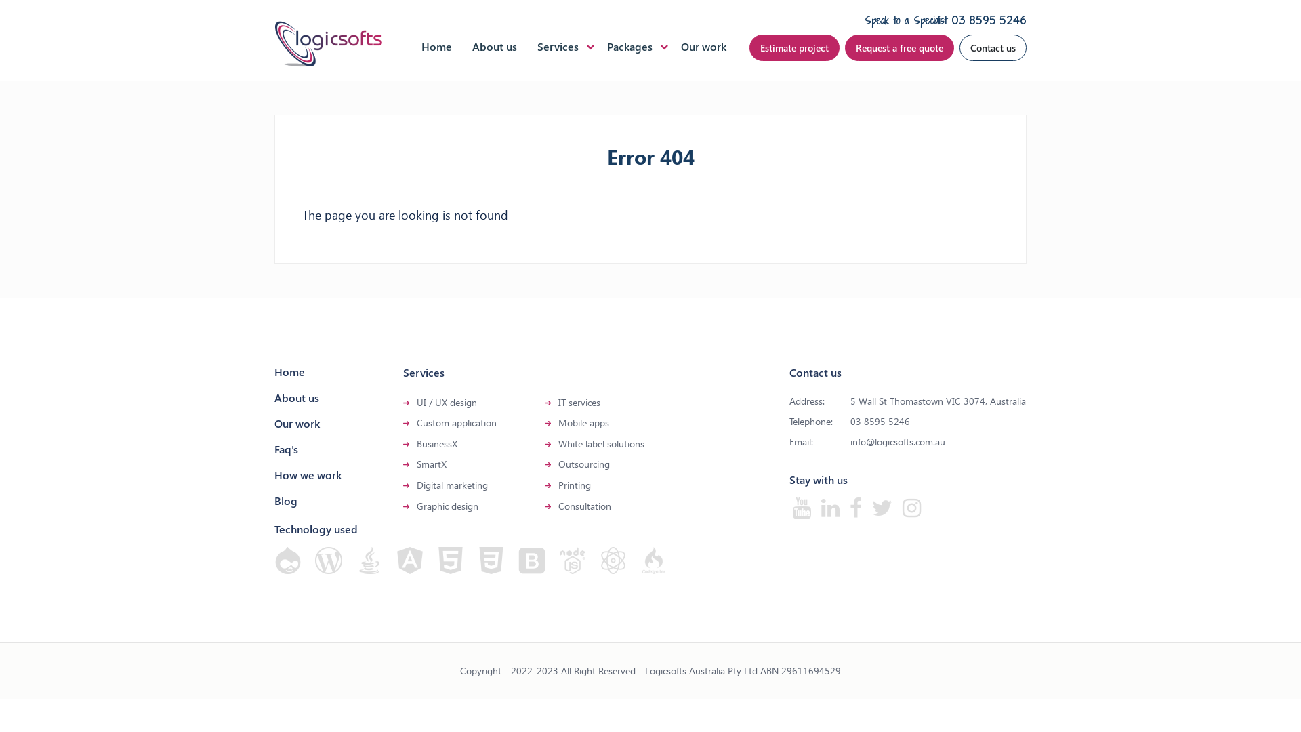 This screenshot has width=1301, height=732. I want to click on 'Graphic design', so click(447, 506).